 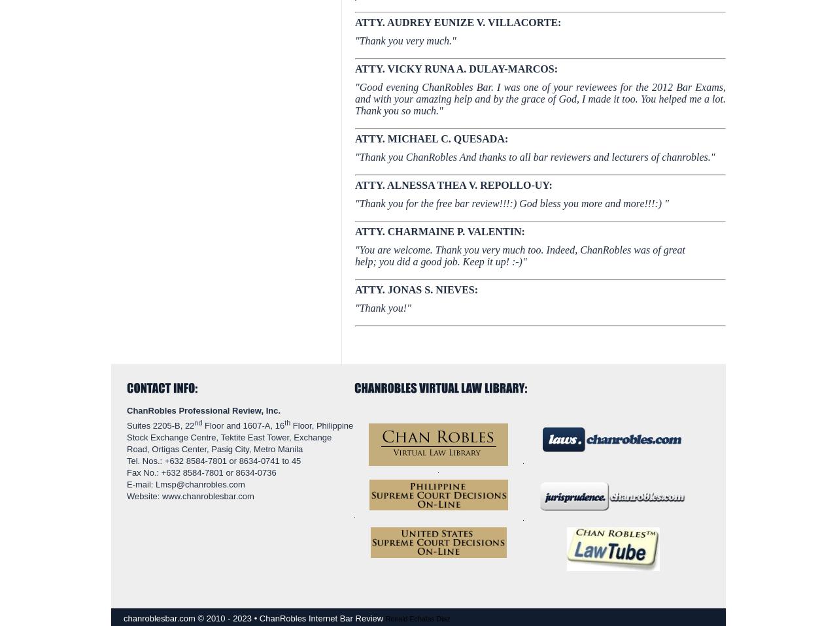 I want to click on 'help; you did a good job. Keep it up! :-)"', so click(x=441, y=261).